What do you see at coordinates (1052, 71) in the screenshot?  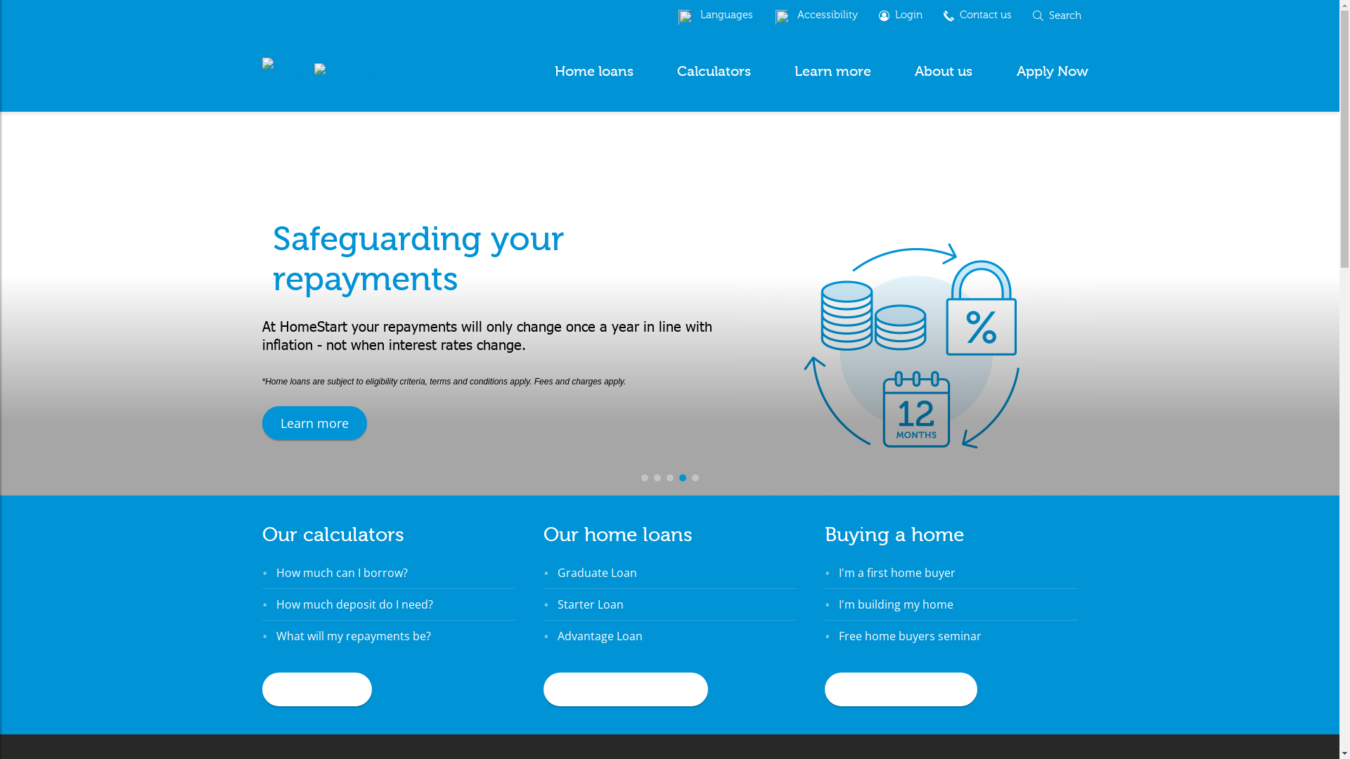 I see `'Apply Now'` at bounding box center [1052, 71].